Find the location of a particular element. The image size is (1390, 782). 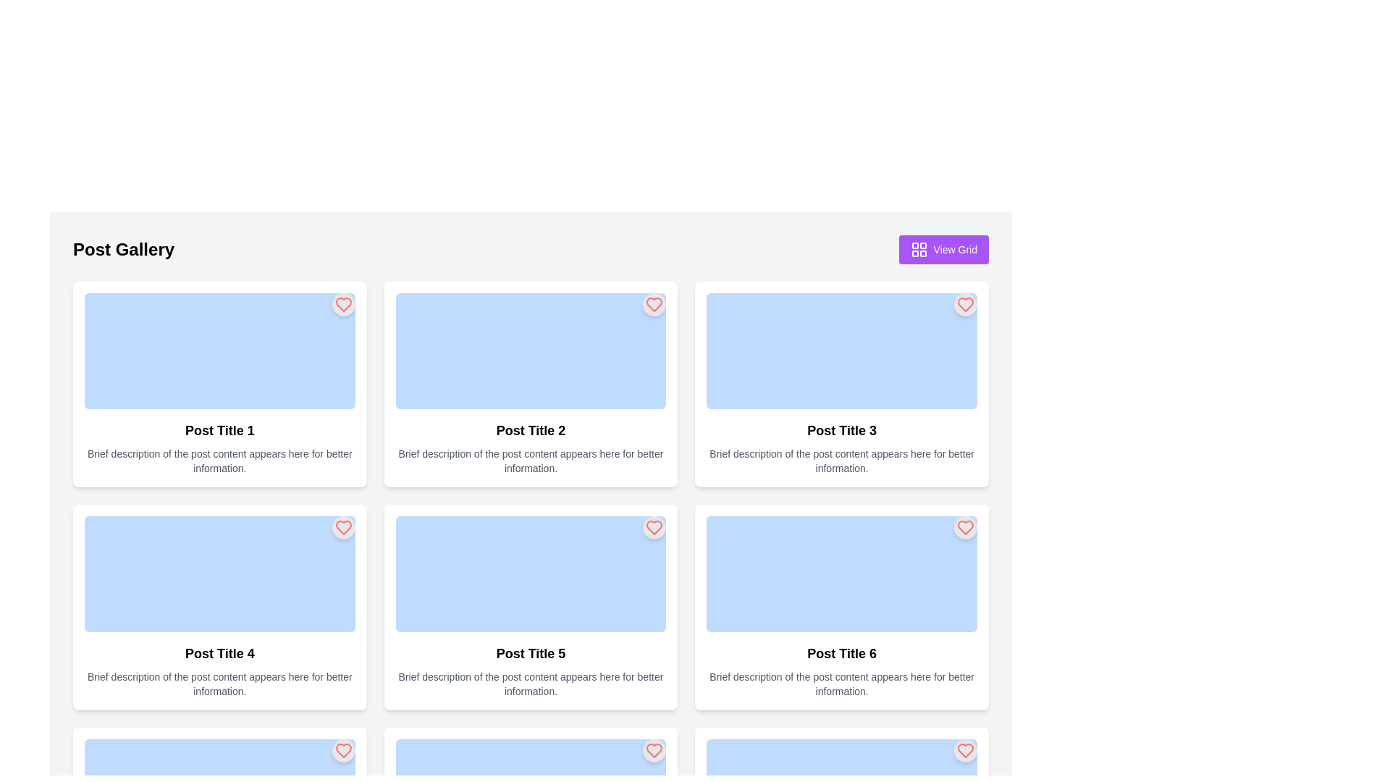

the Text Label that serves as the title of a card located at the bottom section of the card in the first column, first row of the multi-card gallery is located at coordinates (219, 429).